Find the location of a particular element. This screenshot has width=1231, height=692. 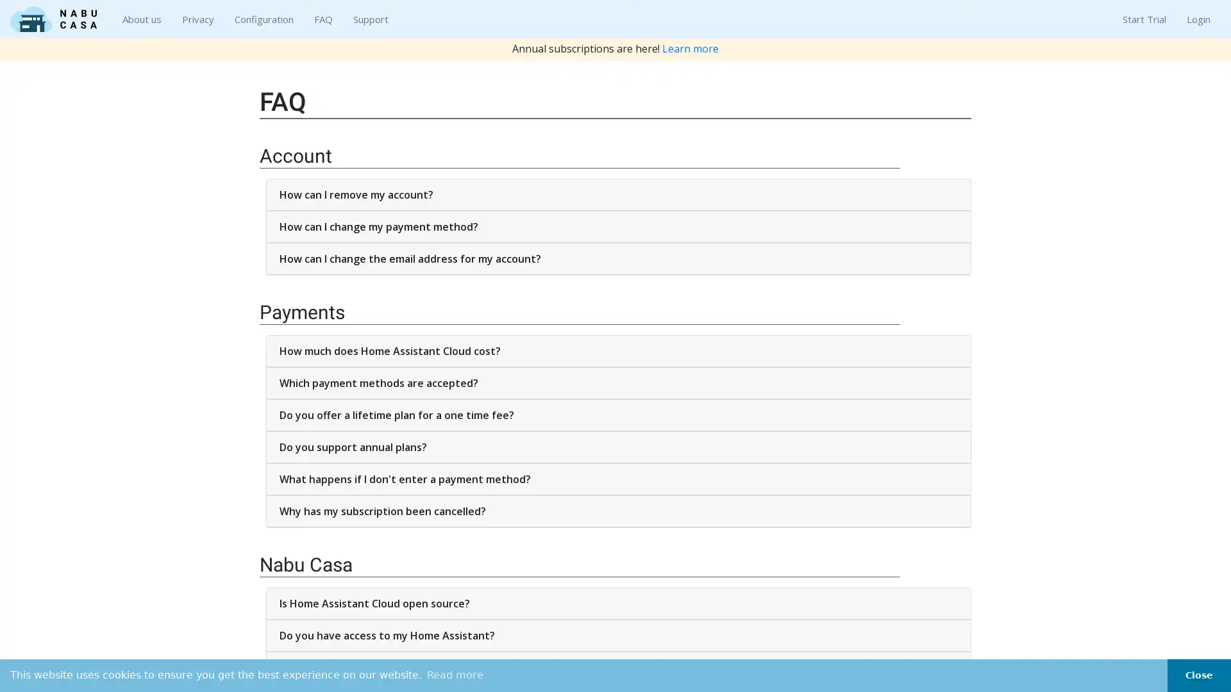

Which payment methods are accepted? is located at coordinates (618, 382).